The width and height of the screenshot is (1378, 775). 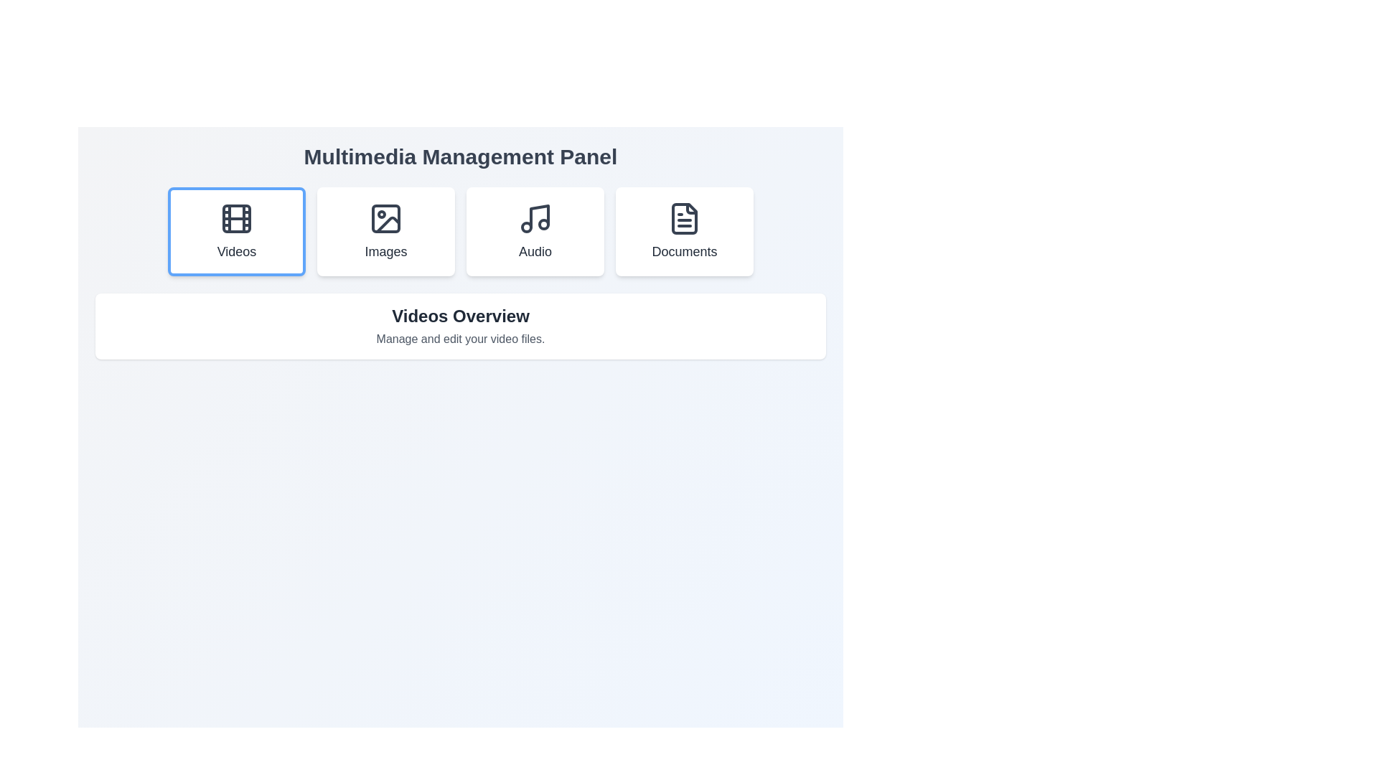 What do you see at coordinates (534, 251) in the screenshot?
I see `'Audio' label displayed in large gray font located at the bottom center of the third card from the left` at bounding box center [534, 251].